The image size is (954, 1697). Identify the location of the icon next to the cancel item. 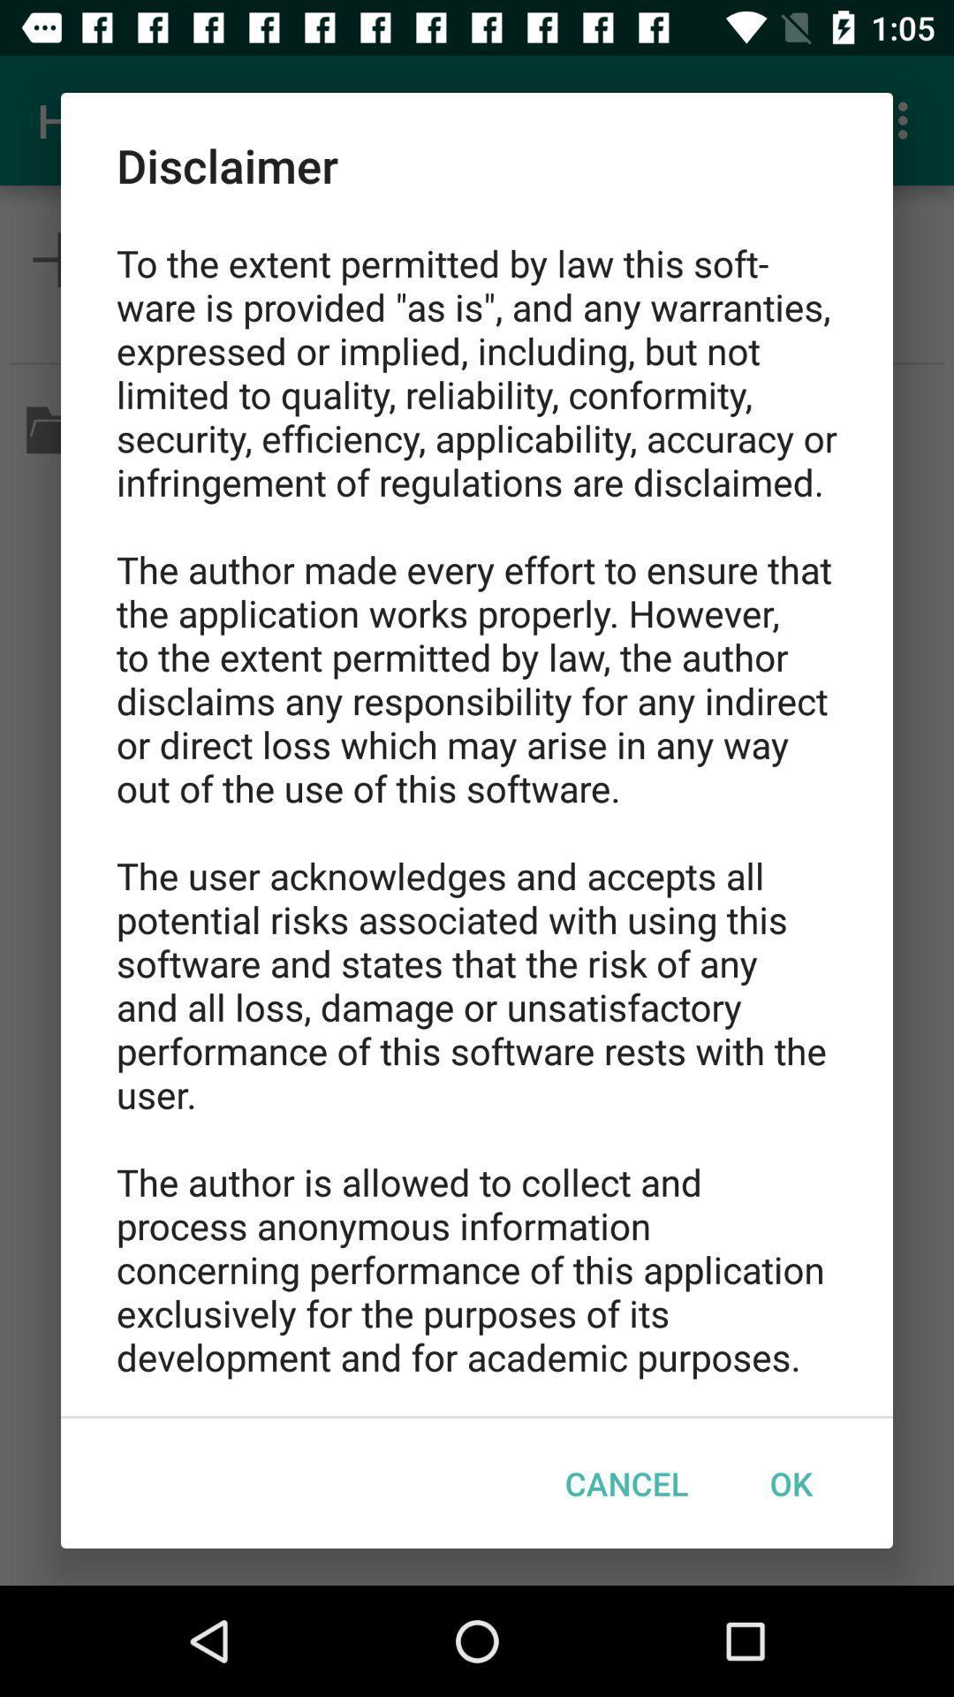
(790, 1483).